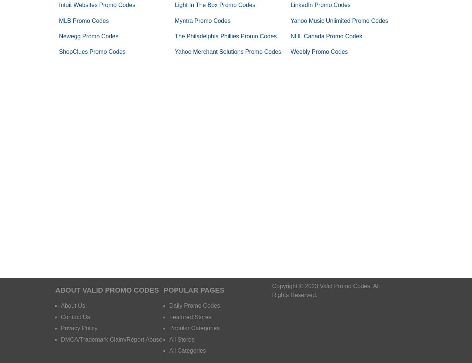 This screenshot has height=363, width=472. I want to click on 'Valid Promo Codes', so click(344, 286).